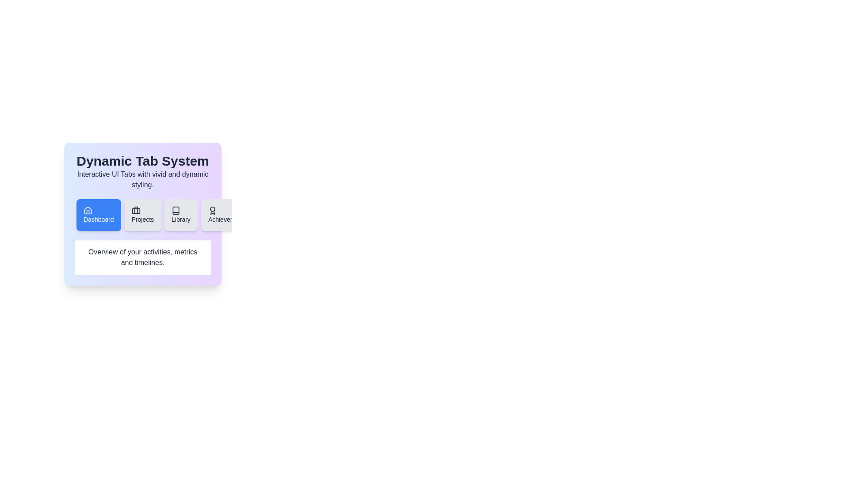 This screenshot has width=849, height=477. I want to click on the tab labeled Dashboard, so click(99, 215).